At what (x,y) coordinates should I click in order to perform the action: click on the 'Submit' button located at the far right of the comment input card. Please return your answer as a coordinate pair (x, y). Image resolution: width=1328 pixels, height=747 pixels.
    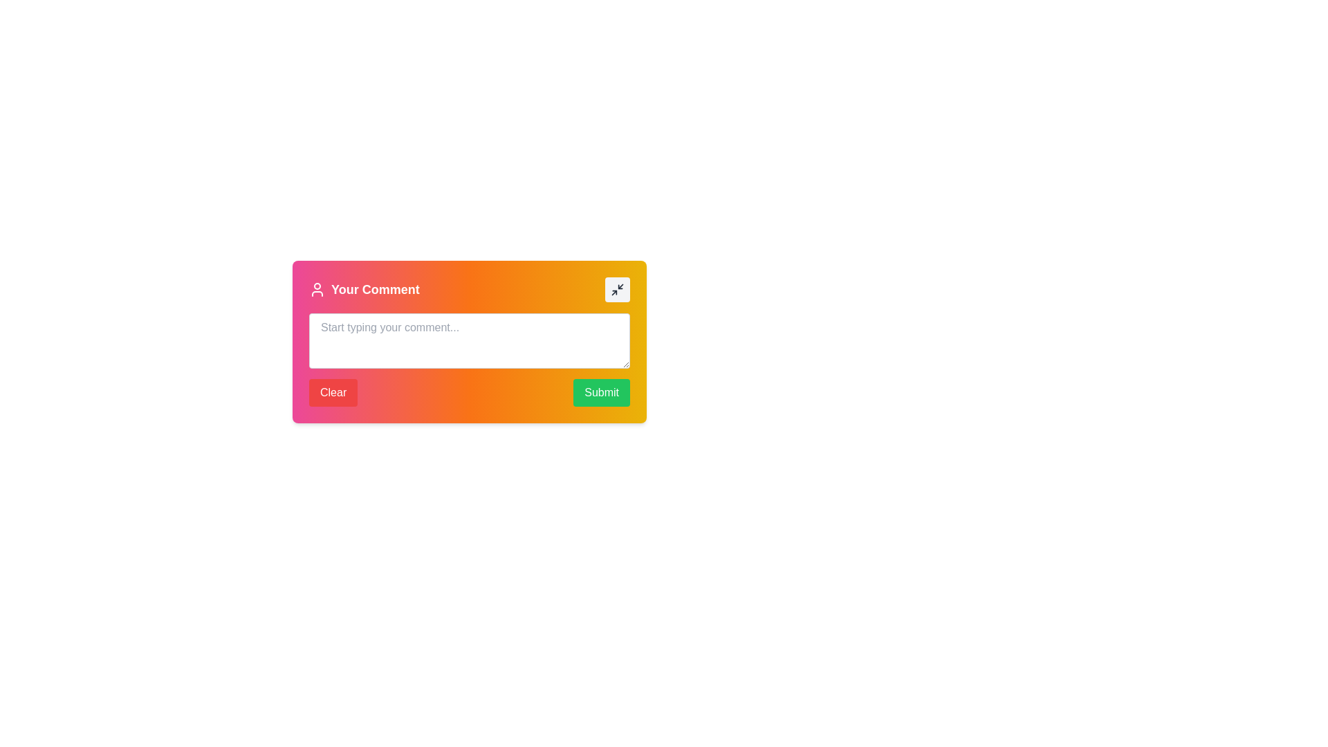
    Looking at the image, I should click on (602, 392).